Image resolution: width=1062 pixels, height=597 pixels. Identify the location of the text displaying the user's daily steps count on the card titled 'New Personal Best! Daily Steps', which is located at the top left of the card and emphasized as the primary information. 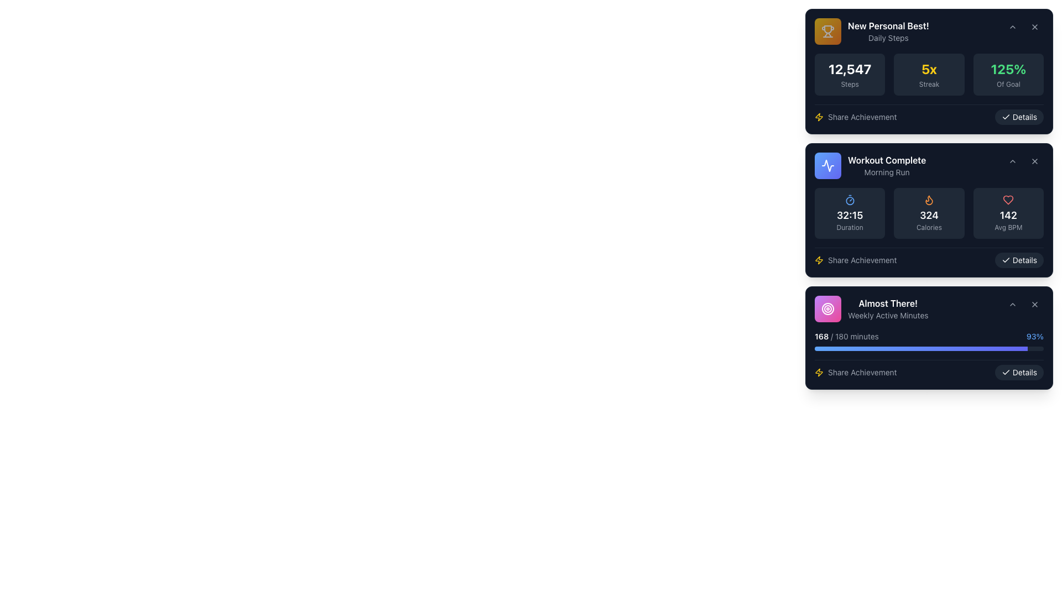
(849, 69).